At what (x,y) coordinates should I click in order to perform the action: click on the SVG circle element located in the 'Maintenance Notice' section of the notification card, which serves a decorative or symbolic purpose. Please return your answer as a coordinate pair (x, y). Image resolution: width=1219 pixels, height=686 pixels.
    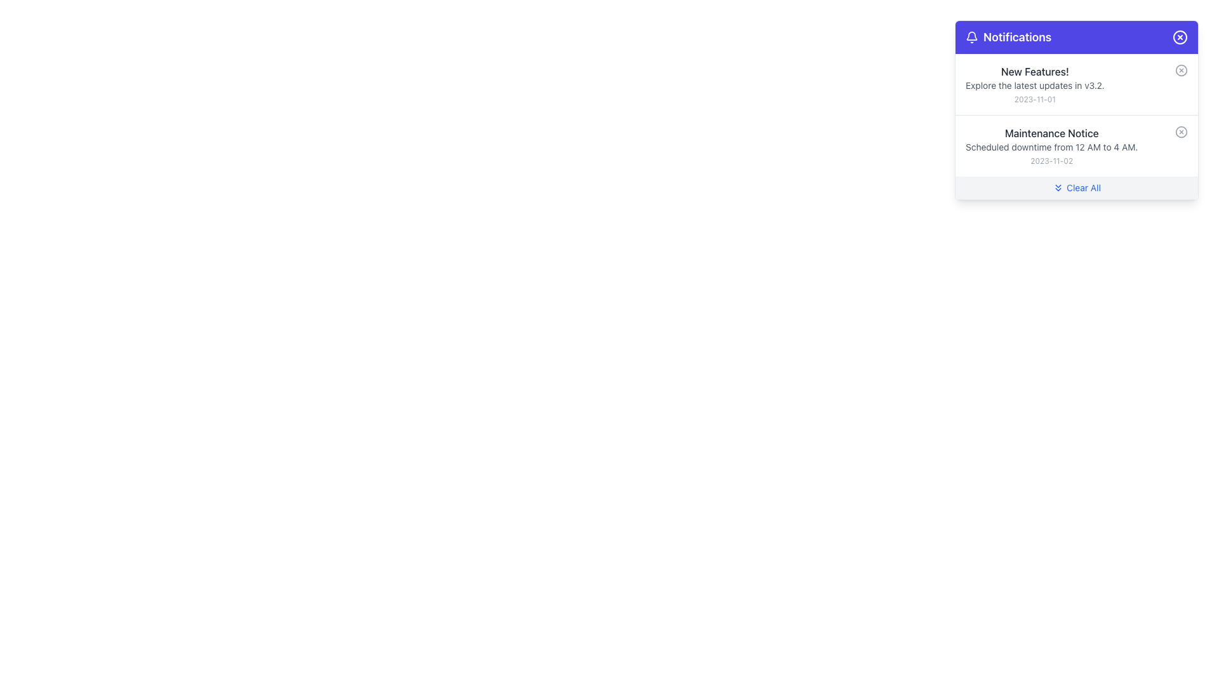
    Looking at the image, I should click on (1181, 132).